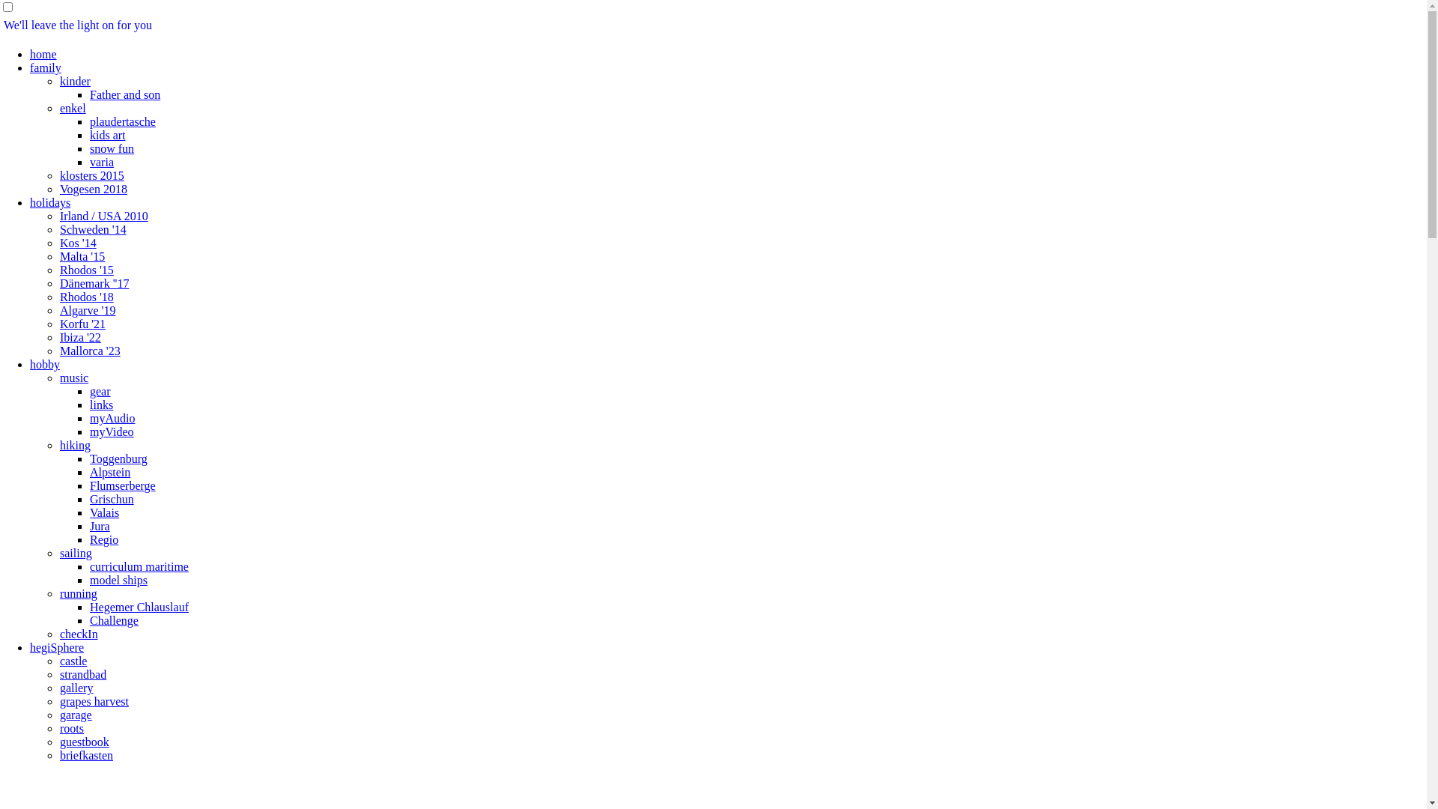 The width and height of the screenshot is (1438, 809). Describe the element at coordinates (89, 418) in the screenshot. I see `'myAudio'` at that location.